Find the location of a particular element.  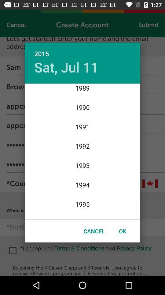

the ok icon is located at coordinates (123, 231).